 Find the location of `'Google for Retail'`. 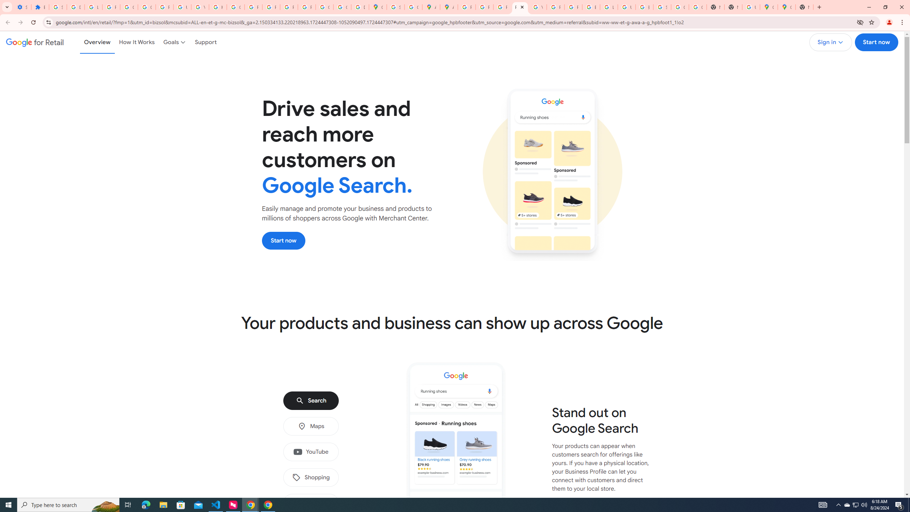

'Google for Retail' is located at coordinates (34, 42).